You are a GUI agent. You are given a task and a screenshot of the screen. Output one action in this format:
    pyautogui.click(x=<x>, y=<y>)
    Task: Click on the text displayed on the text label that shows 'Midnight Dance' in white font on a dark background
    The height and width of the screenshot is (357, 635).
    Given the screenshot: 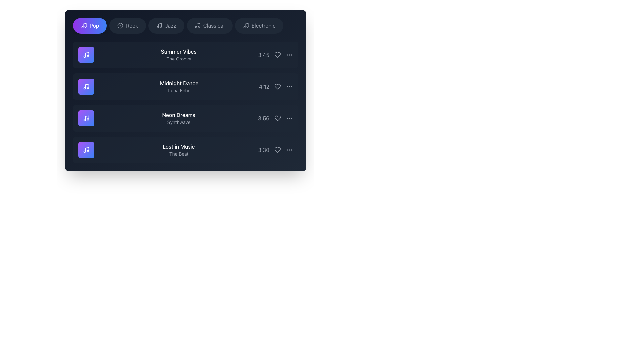 What is the action you would take?
    pyautogui.click(x=179, y=83)
    